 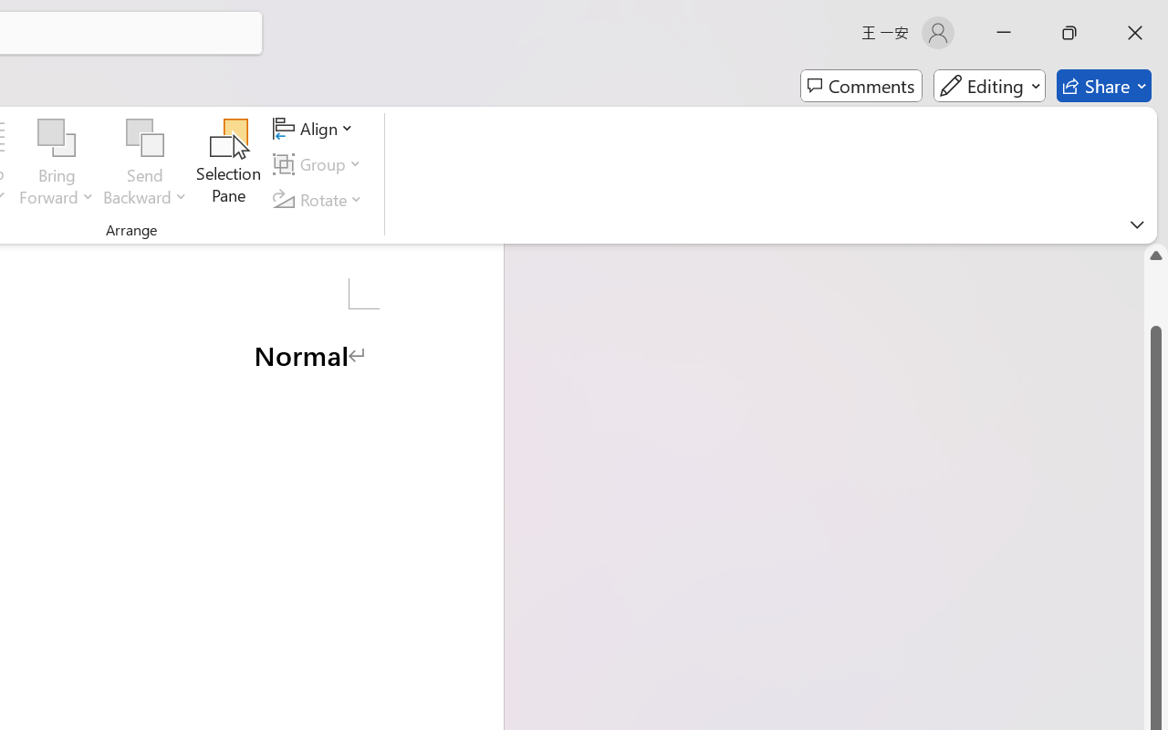 I want to click on 'Align', so click(x=316, y=129).